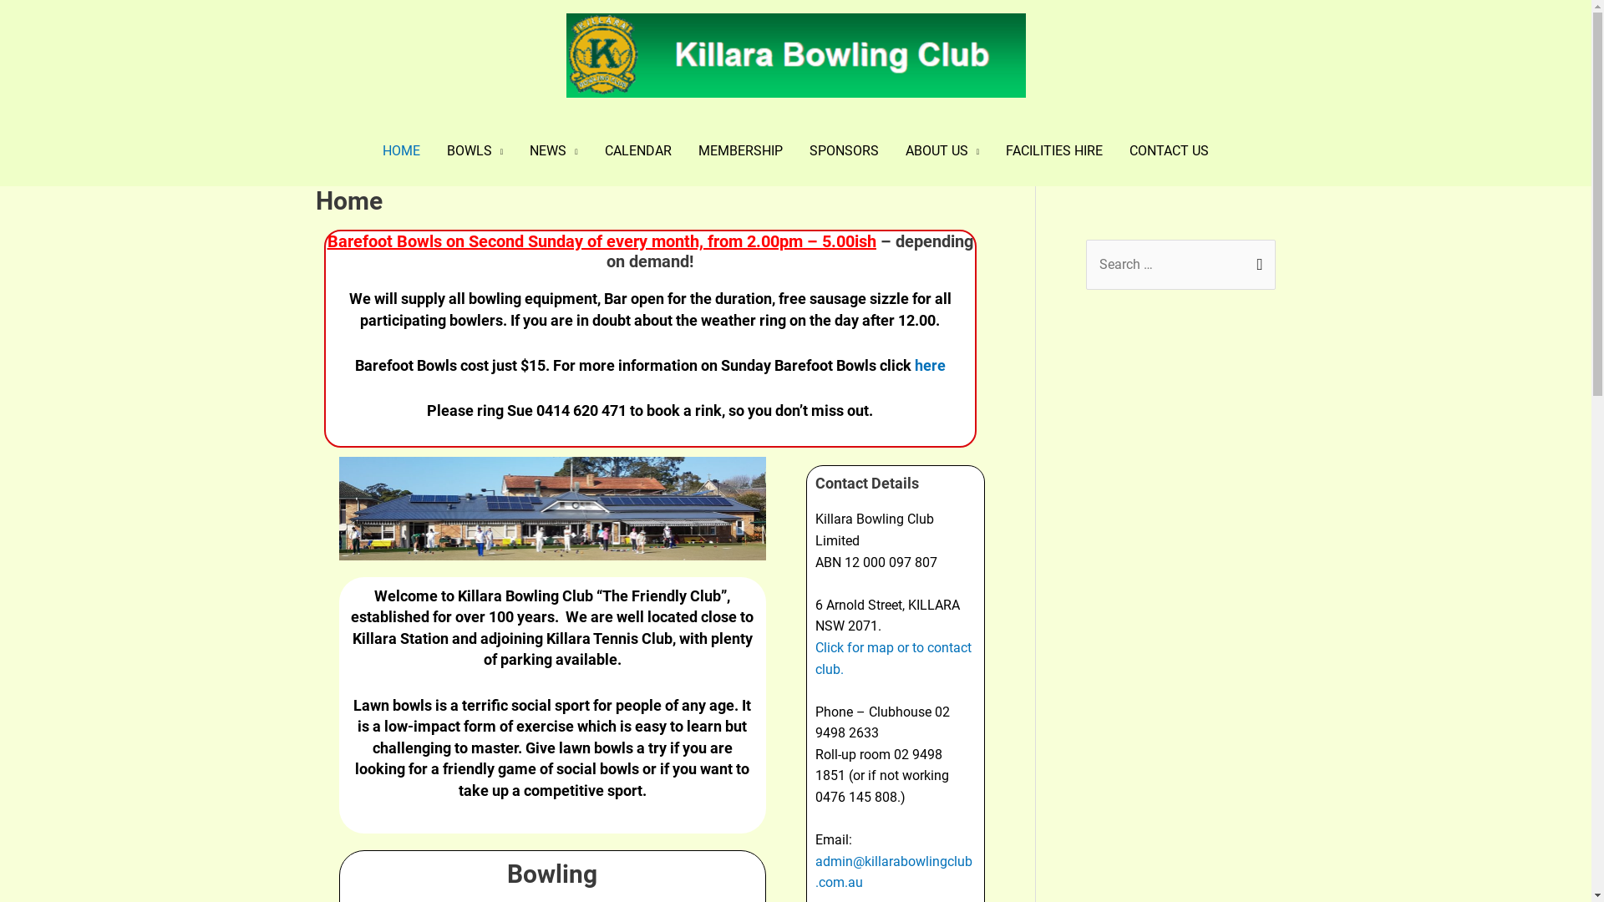 This screenshot has width=1604, height=902. I want to click on 'HOME', so click(401, 151).